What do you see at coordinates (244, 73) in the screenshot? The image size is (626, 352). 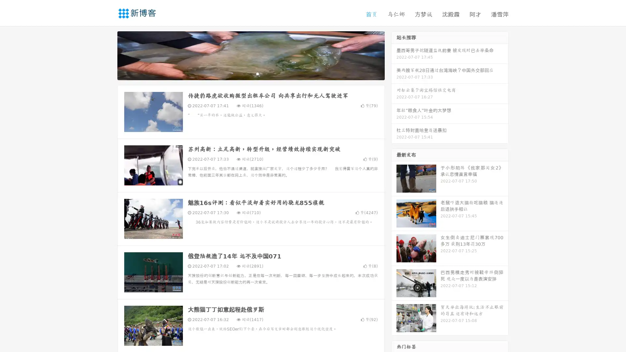 I see `Go to slide 1` at bounding box center [244, 73].